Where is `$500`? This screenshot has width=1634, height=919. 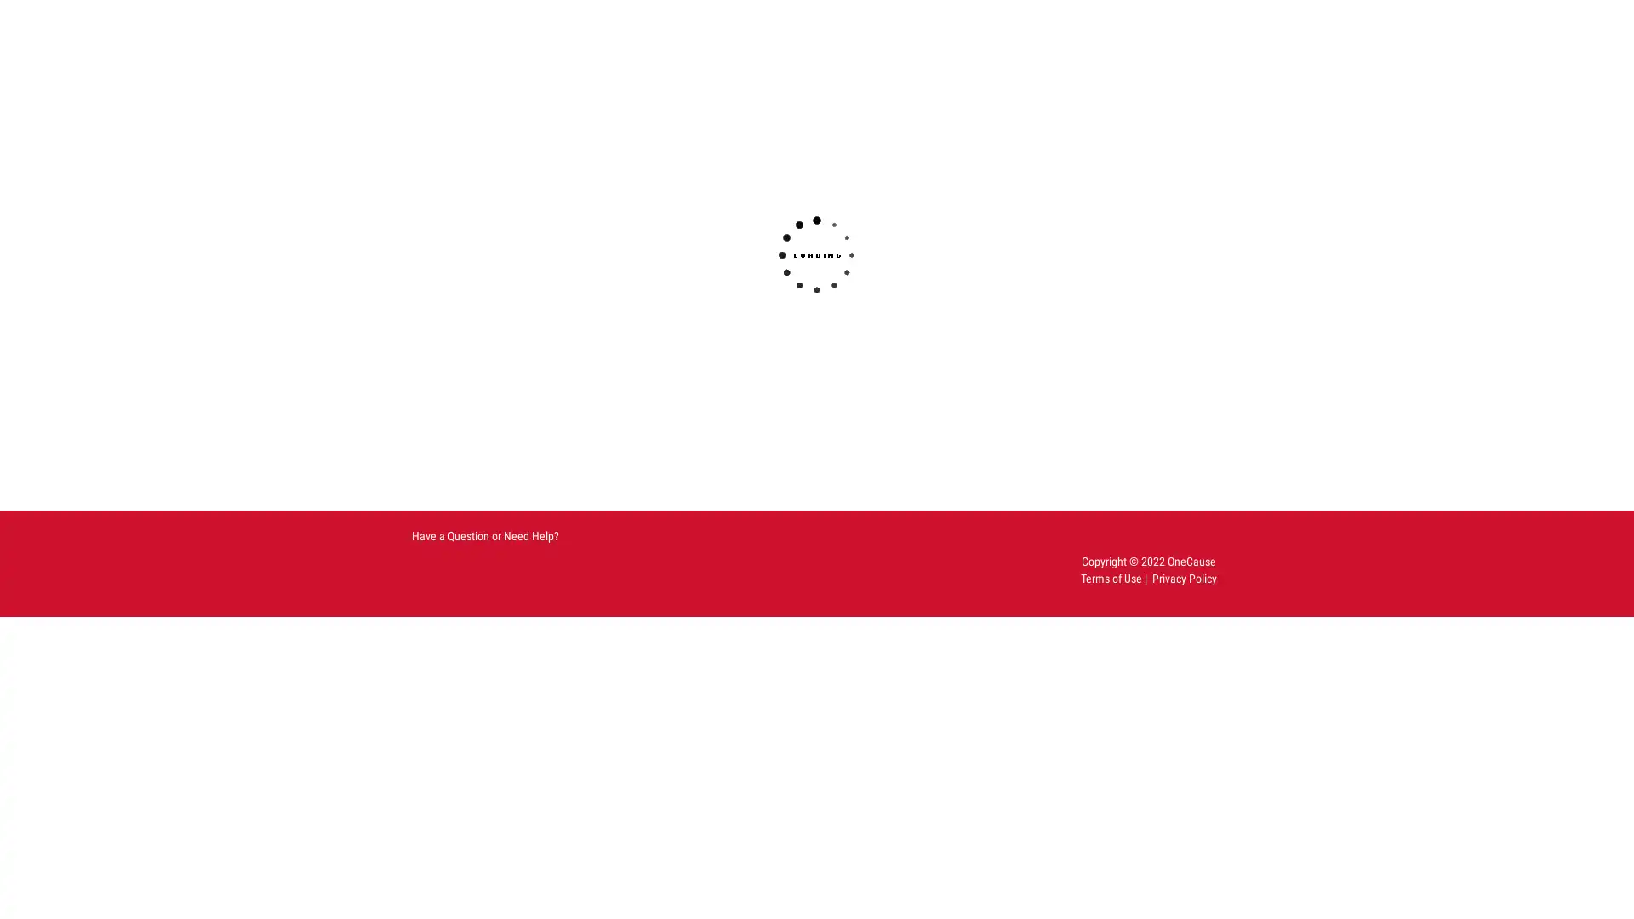
$500 is located at coordinates (854, 245).